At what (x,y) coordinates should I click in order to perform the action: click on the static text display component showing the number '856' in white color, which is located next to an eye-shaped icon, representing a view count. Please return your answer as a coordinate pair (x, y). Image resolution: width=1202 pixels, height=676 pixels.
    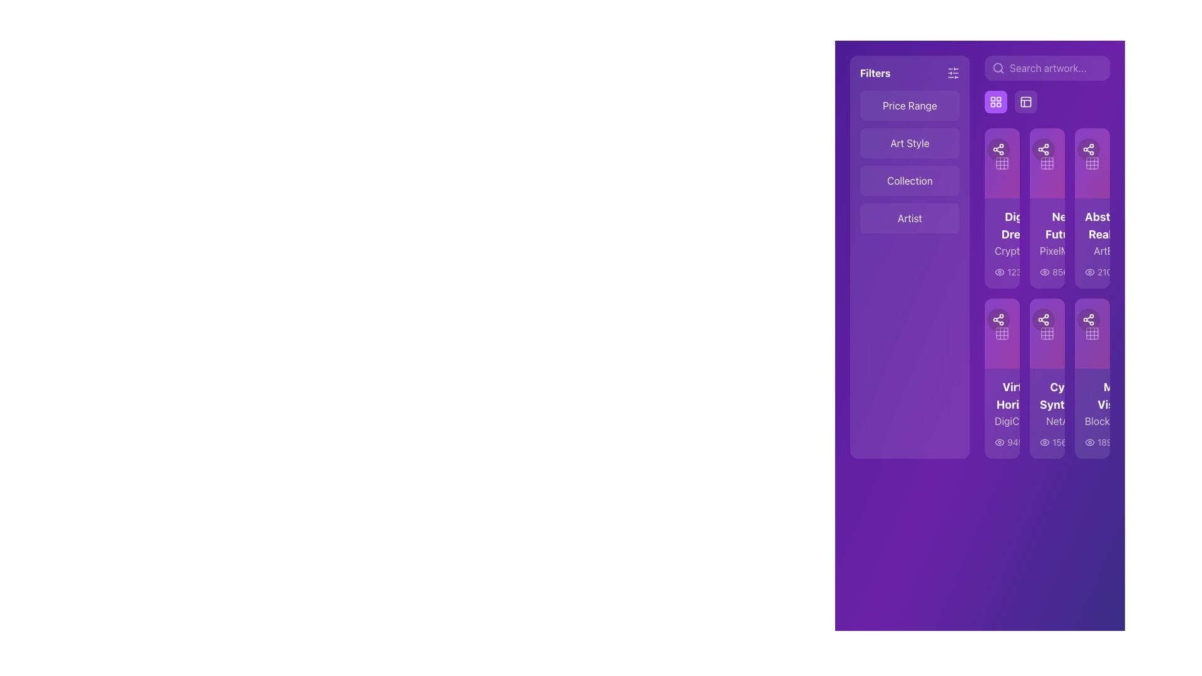
    Looking at the image, I should click on (1054, 272).